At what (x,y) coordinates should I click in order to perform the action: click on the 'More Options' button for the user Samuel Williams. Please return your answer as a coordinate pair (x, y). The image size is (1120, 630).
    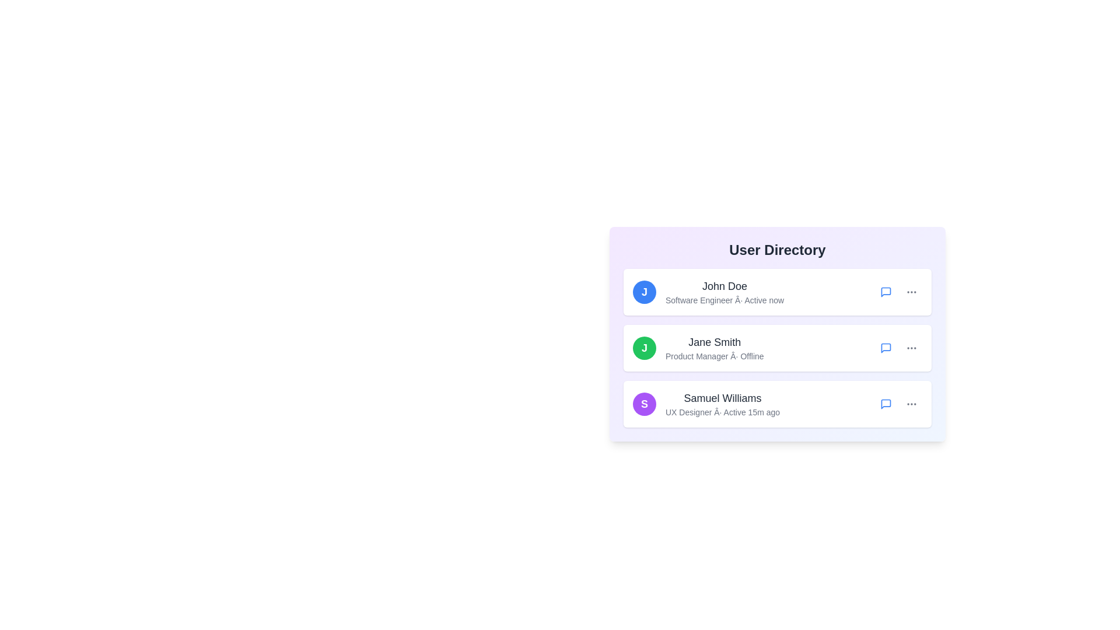
    Looking at the image, I should click on (911, 404).